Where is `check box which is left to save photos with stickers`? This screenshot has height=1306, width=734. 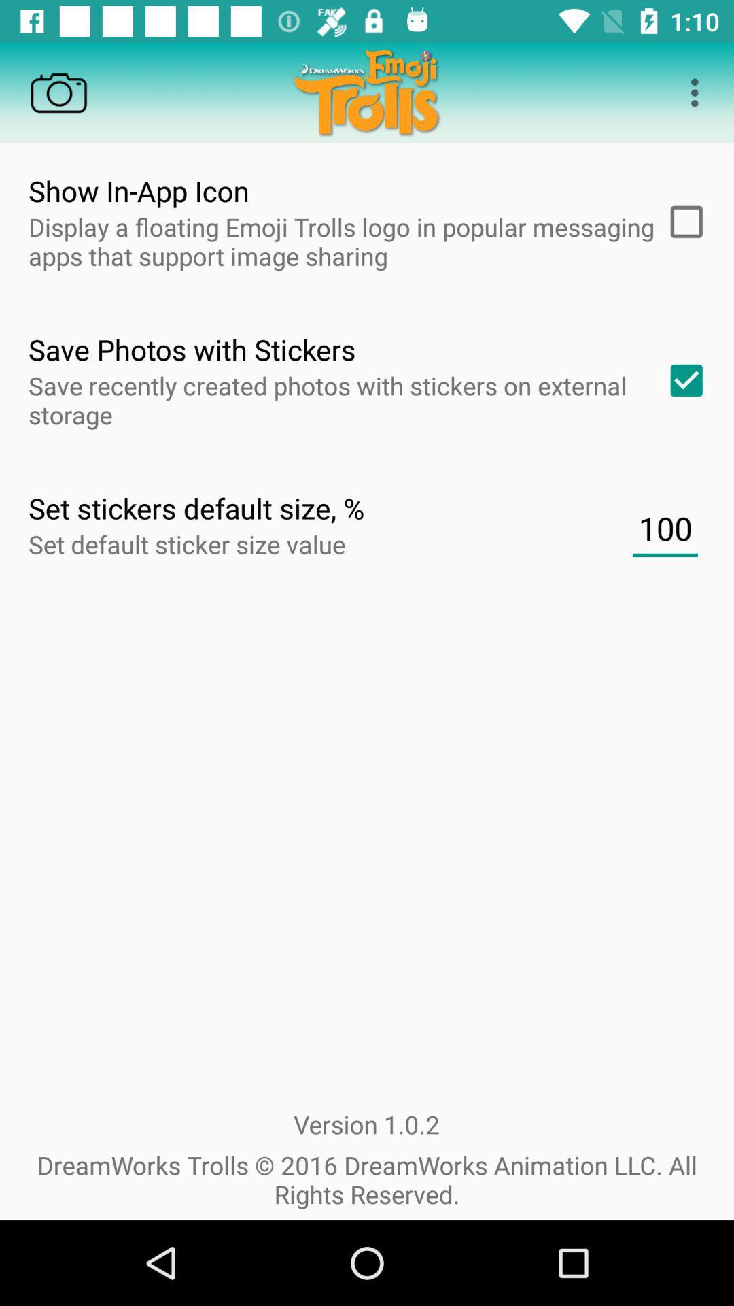
check box which is left to save photos with stickers is located at coordinates (682, 381).